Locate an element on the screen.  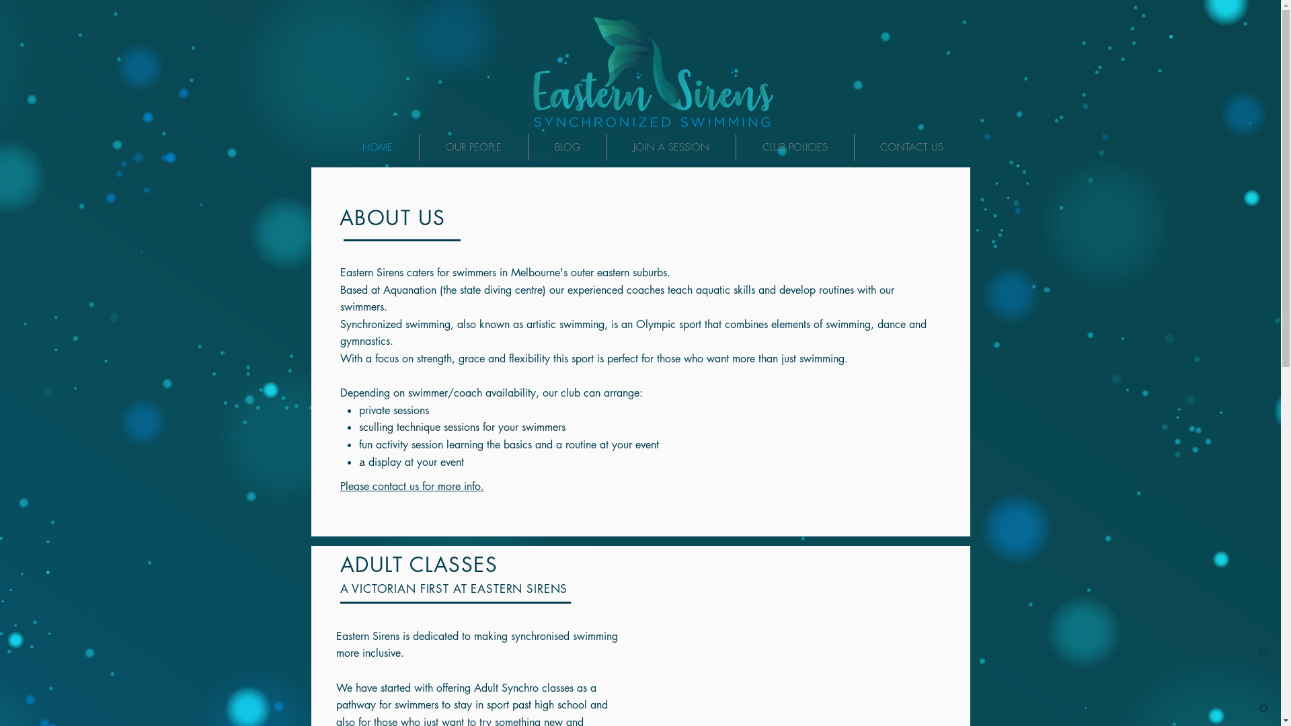
'CONTACT US' is located at coordinates (911, 147).